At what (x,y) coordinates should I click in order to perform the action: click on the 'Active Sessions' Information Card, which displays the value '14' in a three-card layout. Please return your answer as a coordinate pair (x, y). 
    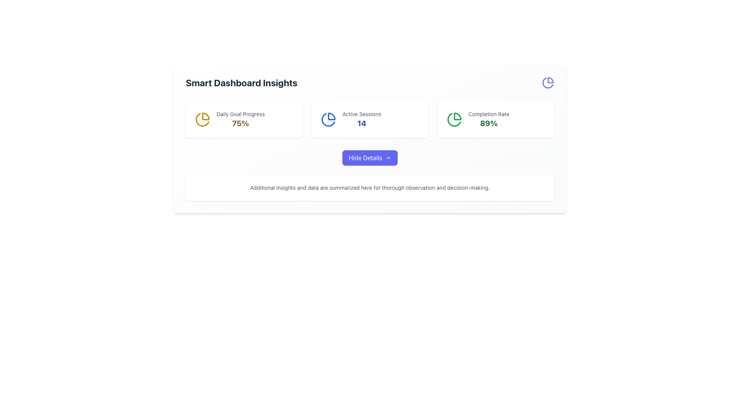
    Looking at the image, I should click on (370, 120).